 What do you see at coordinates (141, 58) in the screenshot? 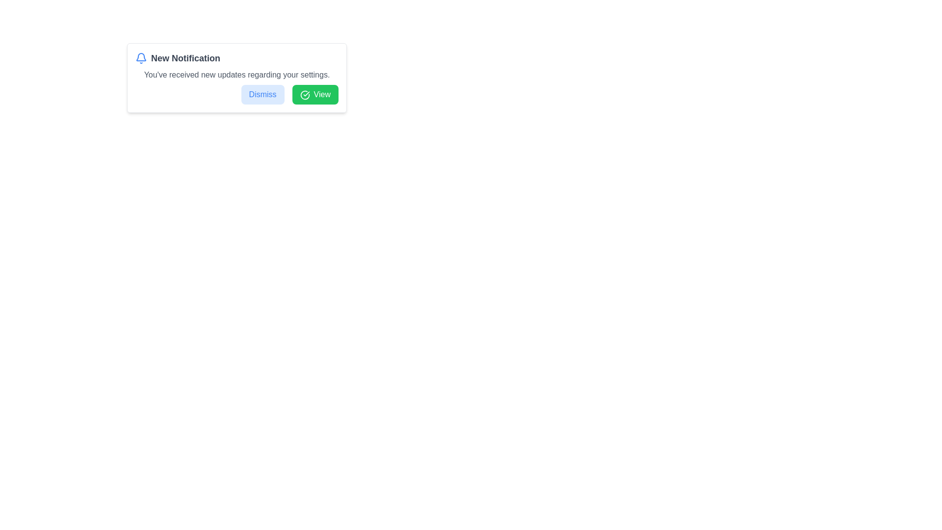
I see `the notification icon located at the top-left of the notification card, adjacent to the 'New Notification' text` at bounding box center [141, 58].